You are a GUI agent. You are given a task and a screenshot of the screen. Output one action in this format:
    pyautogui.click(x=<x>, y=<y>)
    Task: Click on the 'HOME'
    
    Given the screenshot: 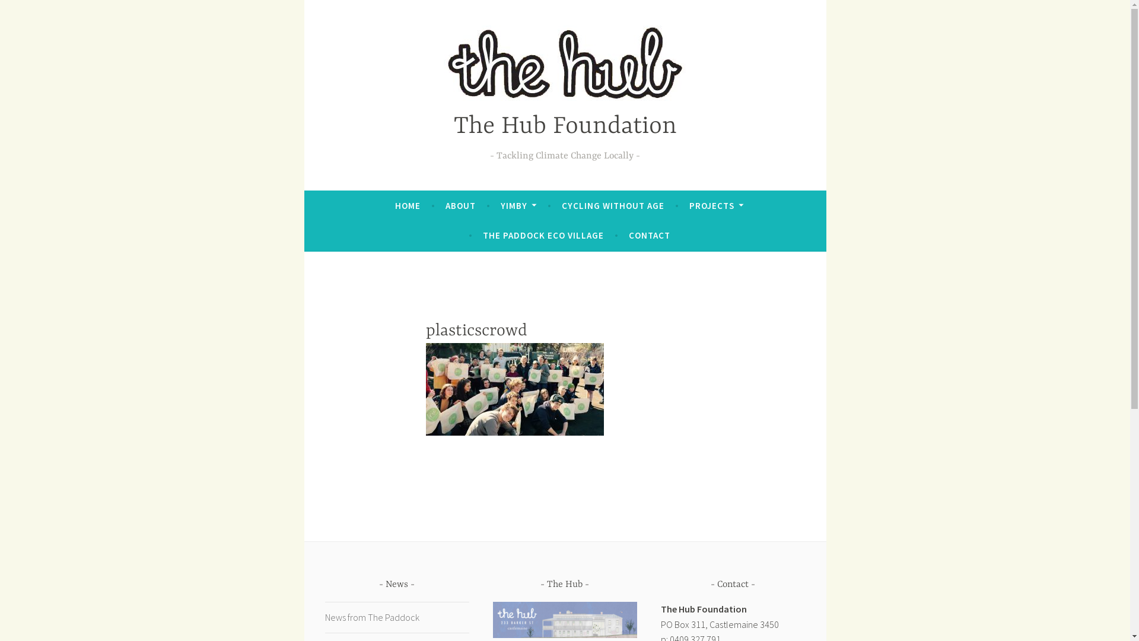 What is the action you would take?
    pyautogui.click(x=408, y=205)
    